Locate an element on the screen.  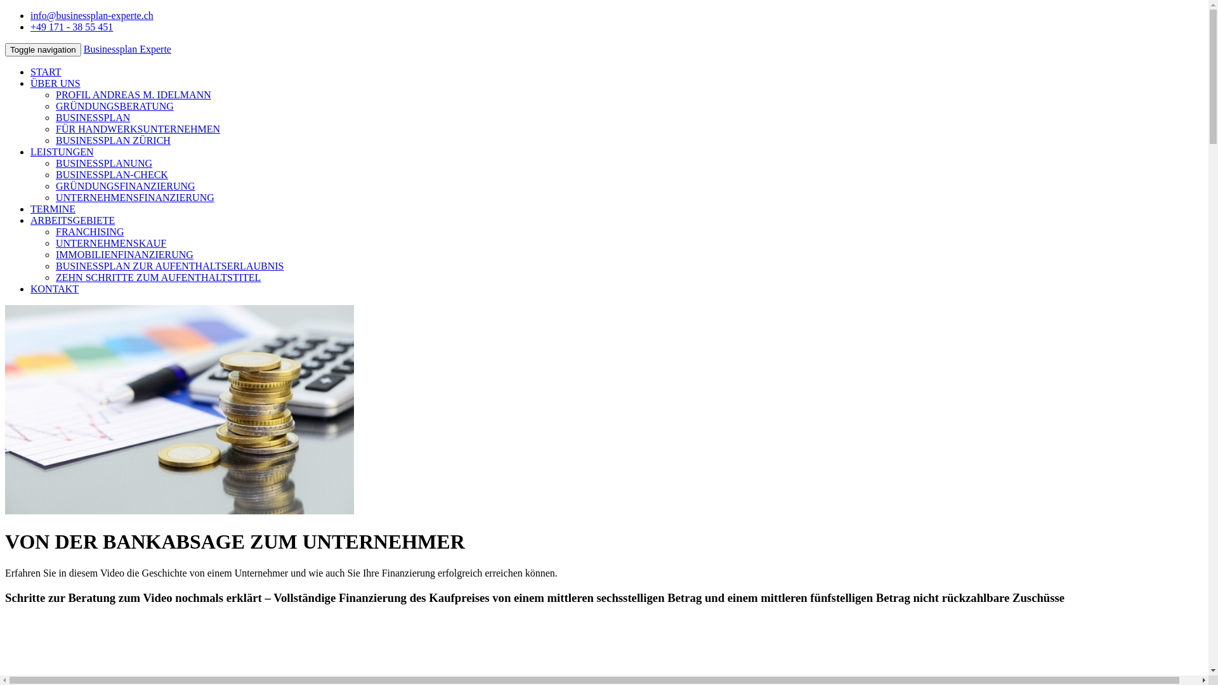
'IMMOBILIENFINANZIERUNG' is located at coordinates (124, 254).